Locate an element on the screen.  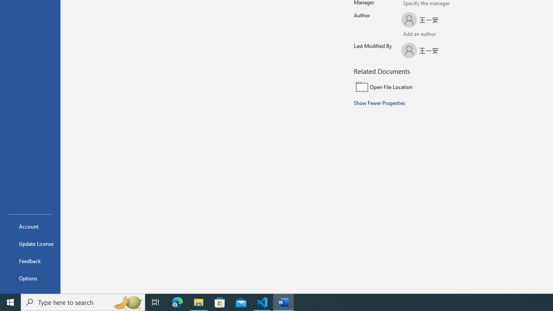
'Account' is located at coordinates (30, 226).